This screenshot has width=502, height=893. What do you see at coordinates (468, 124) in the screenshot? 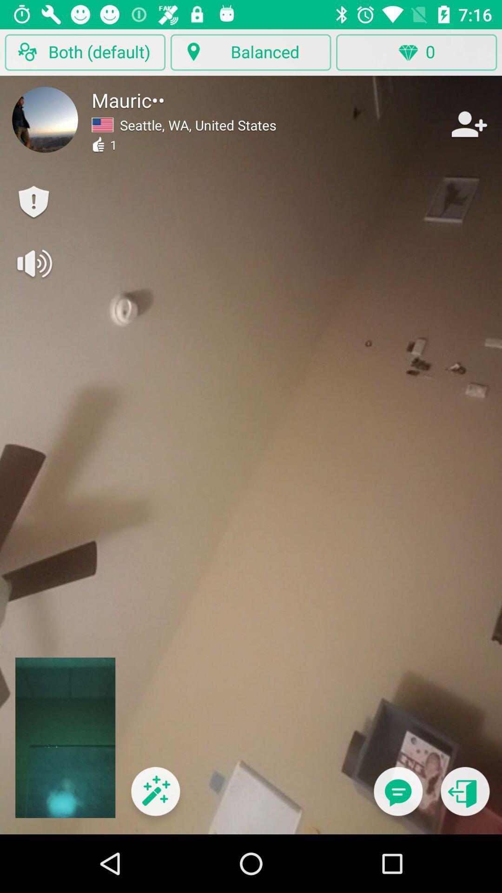
I see `person` at bounding box center [468, 124].